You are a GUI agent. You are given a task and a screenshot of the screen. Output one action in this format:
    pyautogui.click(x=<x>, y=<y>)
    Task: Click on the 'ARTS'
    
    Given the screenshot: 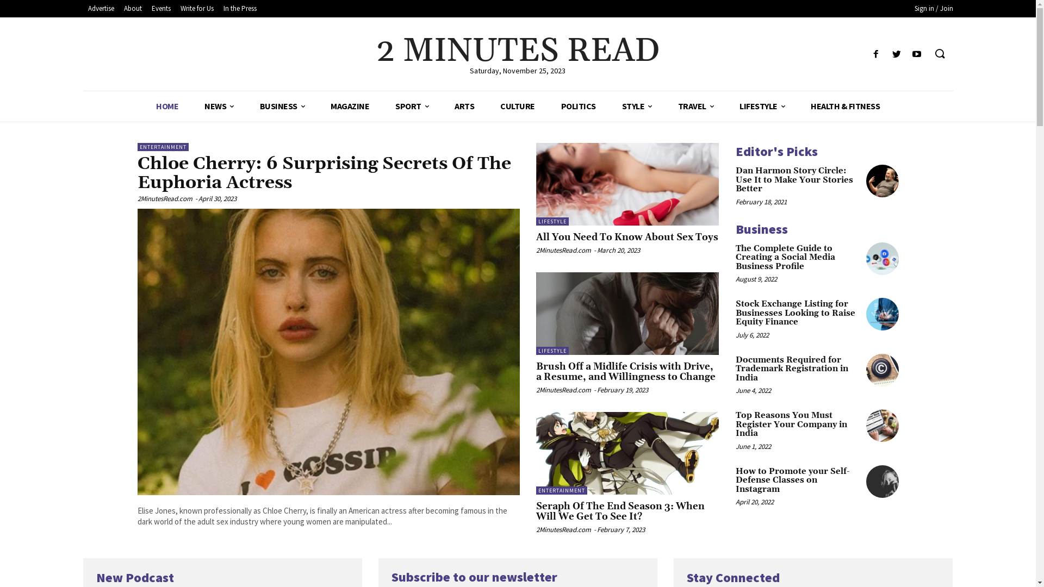 What is the action you would take?
    pyautogui.click(x=464, y=106)
    